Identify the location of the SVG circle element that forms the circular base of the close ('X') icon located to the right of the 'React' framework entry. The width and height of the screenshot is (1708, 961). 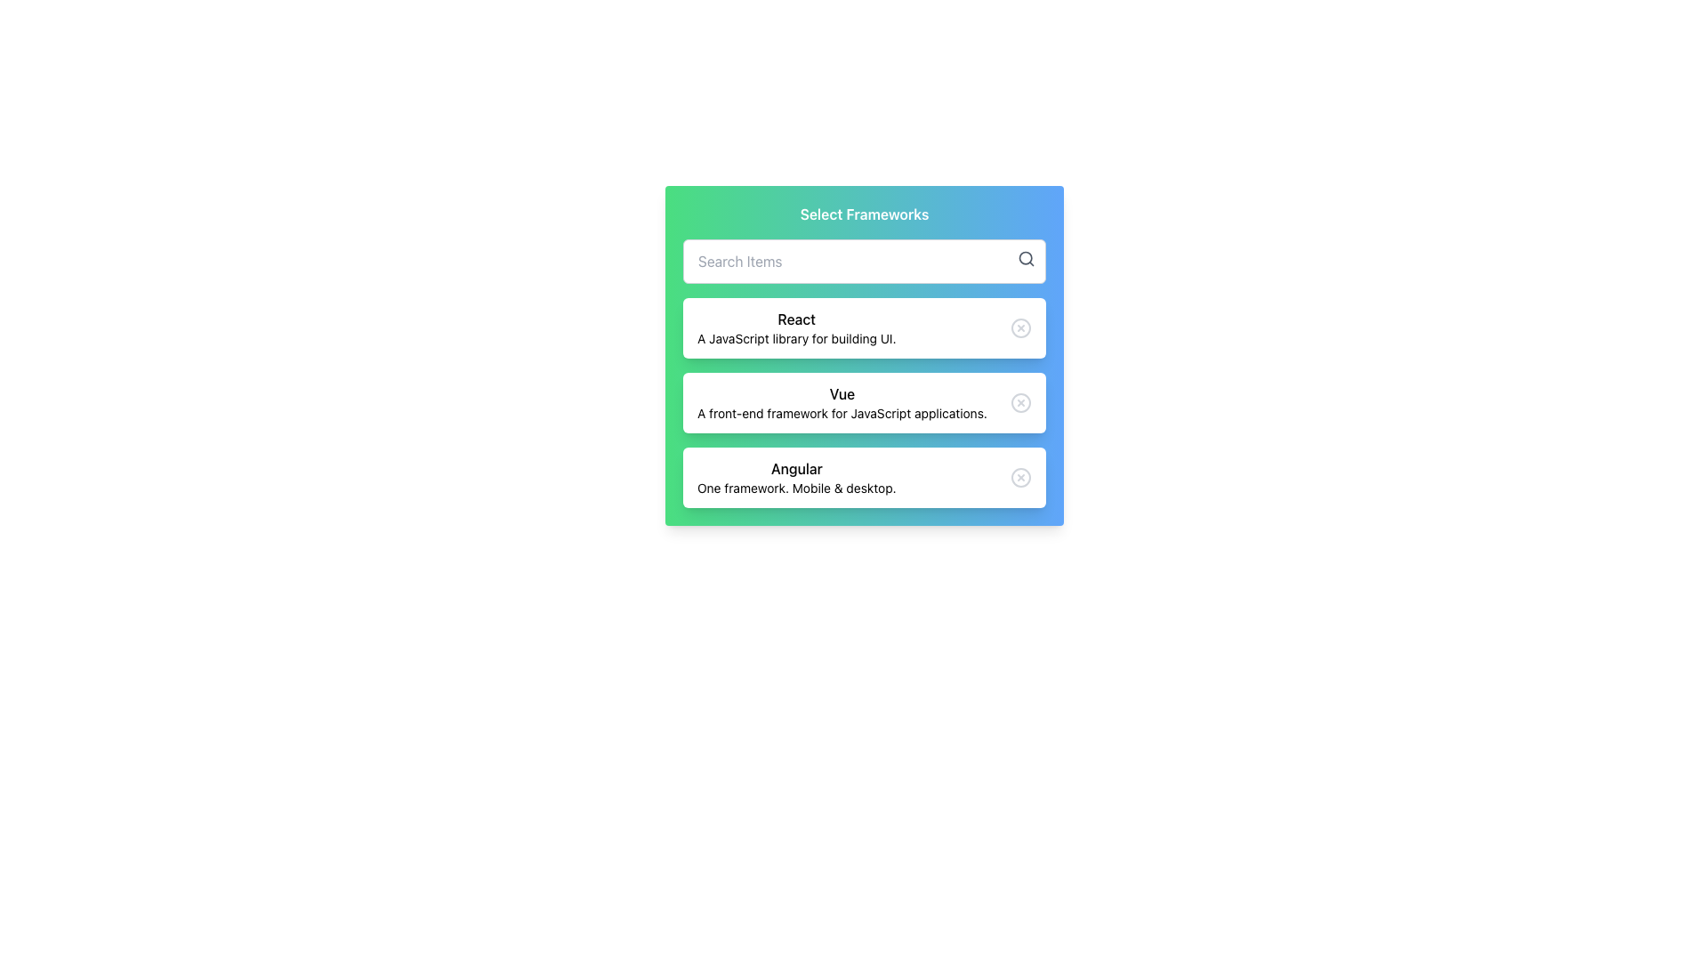
(1020, 328).